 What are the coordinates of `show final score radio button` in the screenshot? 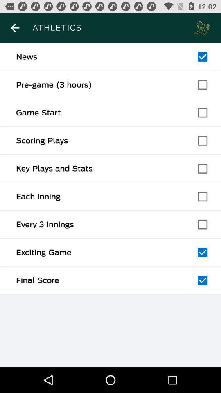 It's located at (202, 280).